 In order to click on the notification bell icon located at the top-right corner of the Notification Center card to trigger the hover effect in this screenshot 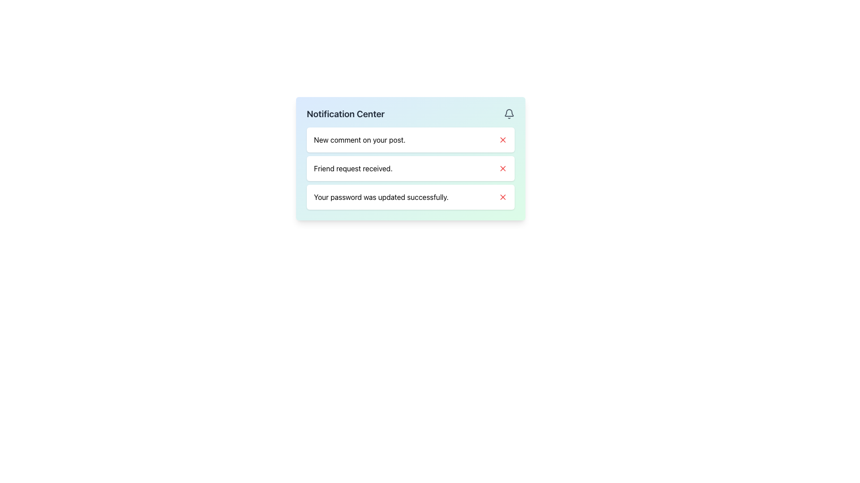, I will do `click(509, 113)`.